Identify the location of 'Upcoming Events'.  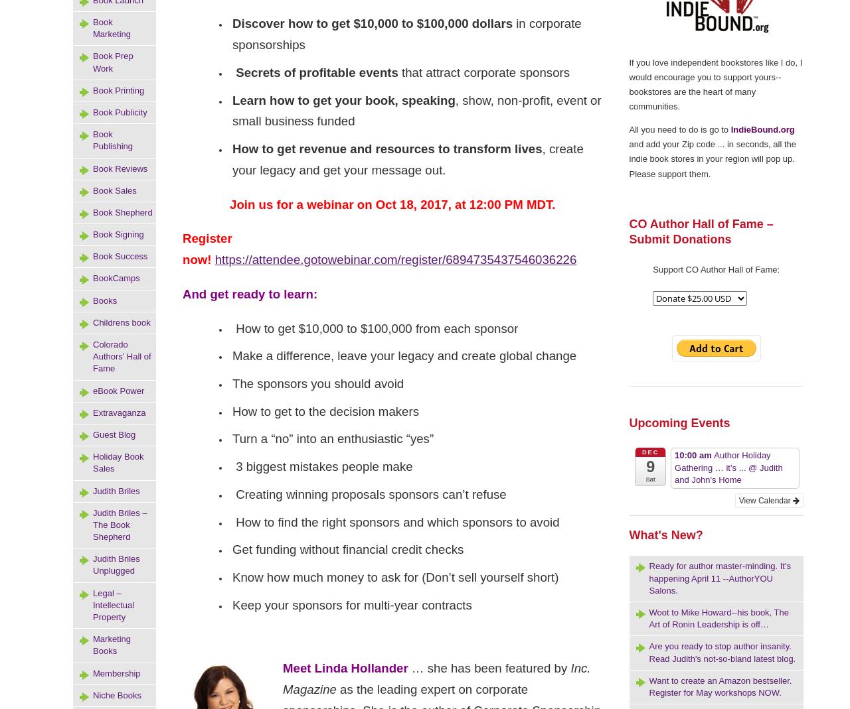
(679, 422).